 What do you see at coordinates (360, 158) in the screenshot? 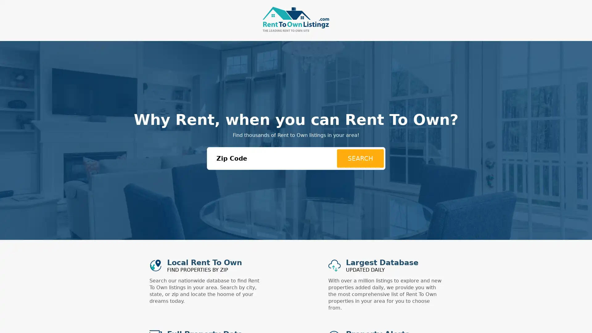
I see `SEARCH` at bounding box center [360, 158].